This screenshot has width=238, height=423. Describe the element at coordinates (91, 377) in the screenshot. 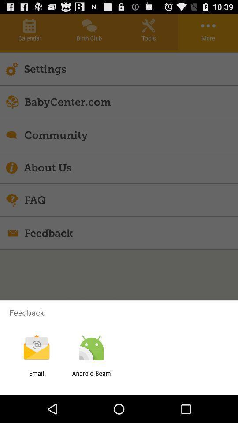

I see `app next to the email icon` at that location.